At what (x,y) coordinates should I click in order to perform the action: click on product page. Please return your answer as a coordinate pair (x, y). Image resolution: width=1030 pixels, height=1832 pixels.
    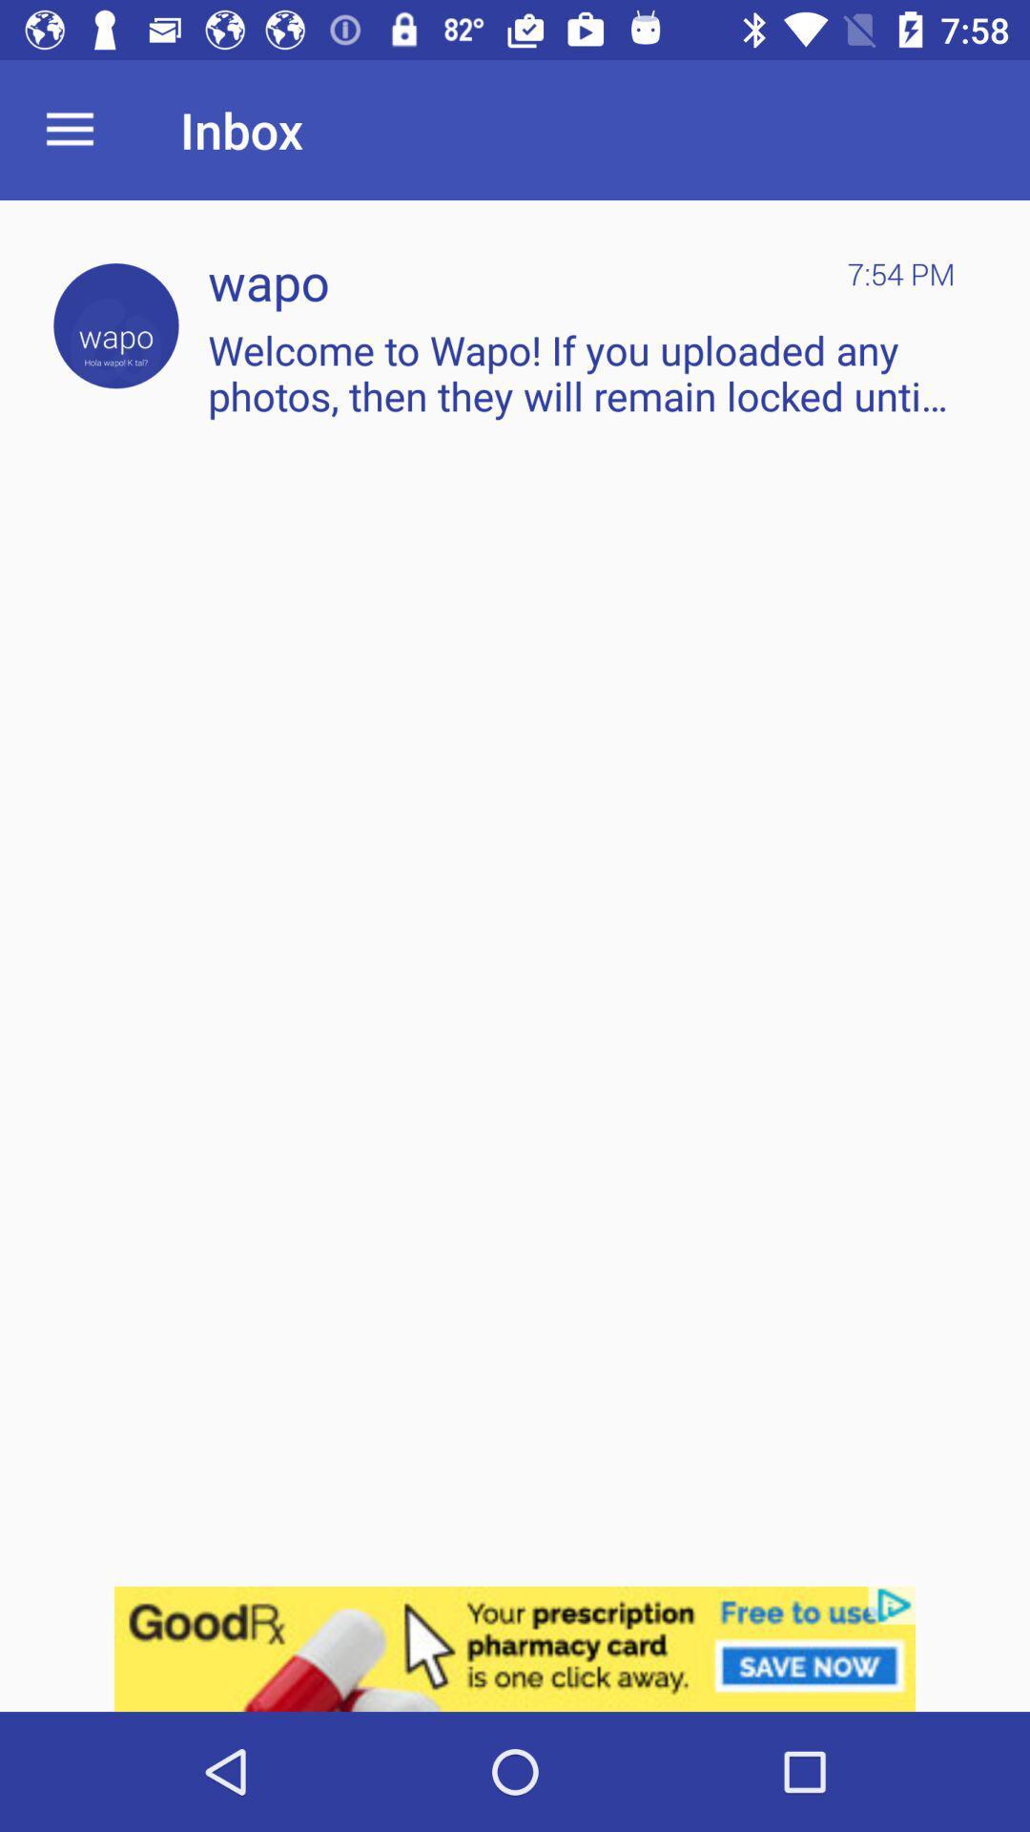
    Looking at the image, I should click on (515, 1648).